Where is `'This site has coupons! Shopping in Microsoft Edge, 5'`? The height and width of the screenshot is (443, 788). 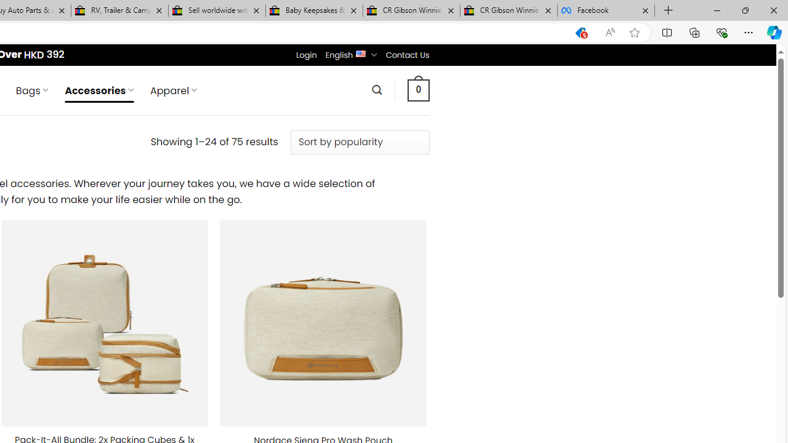
'This site has coupons! Shopping in Microsoft Edge, 5' is located at coordinates (580, 32).